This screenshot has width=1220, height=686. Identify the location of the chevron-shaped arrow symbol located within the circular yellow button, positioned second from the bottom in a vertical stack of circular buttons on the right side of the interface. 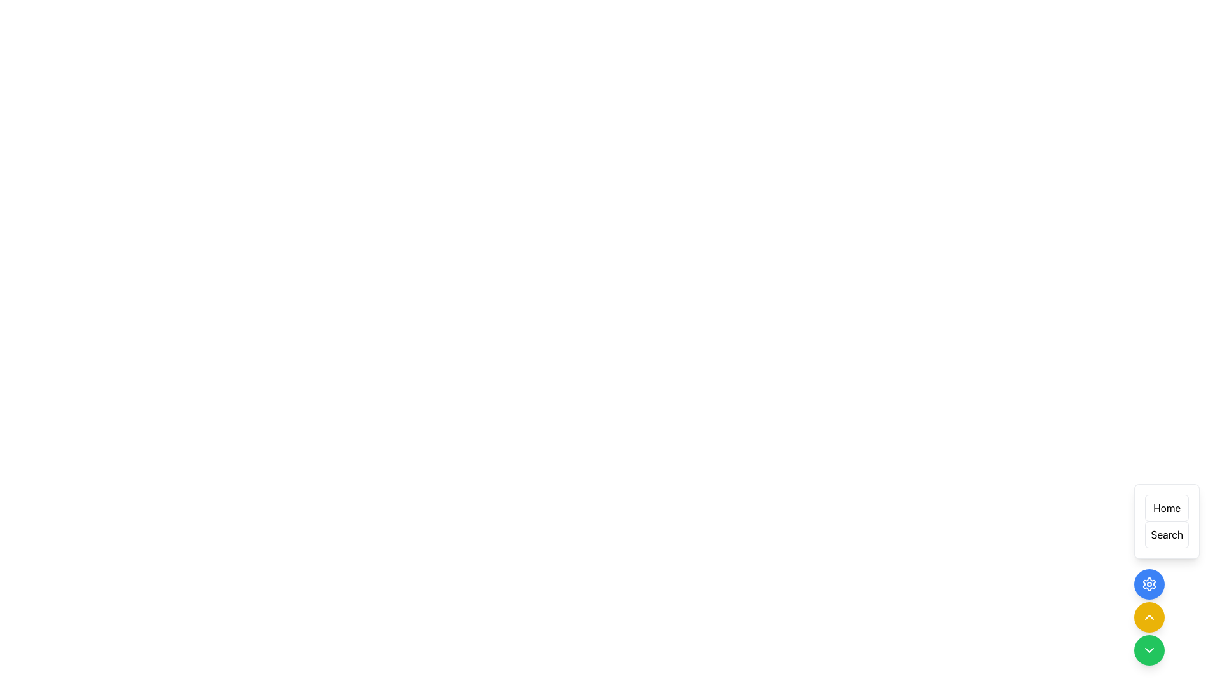
(1149, 617).